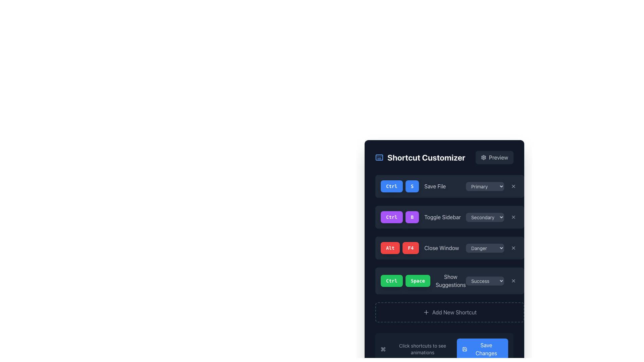  What do you see at coordinates (513, 186) in the screenshot?
I see `the small, square button with rounded edges that contains a gray 'X' icon, located at the rightmost end of the row with the label 'Primary' in the 'Shortcut Customizer' panel` at bounding box center [513, 186].